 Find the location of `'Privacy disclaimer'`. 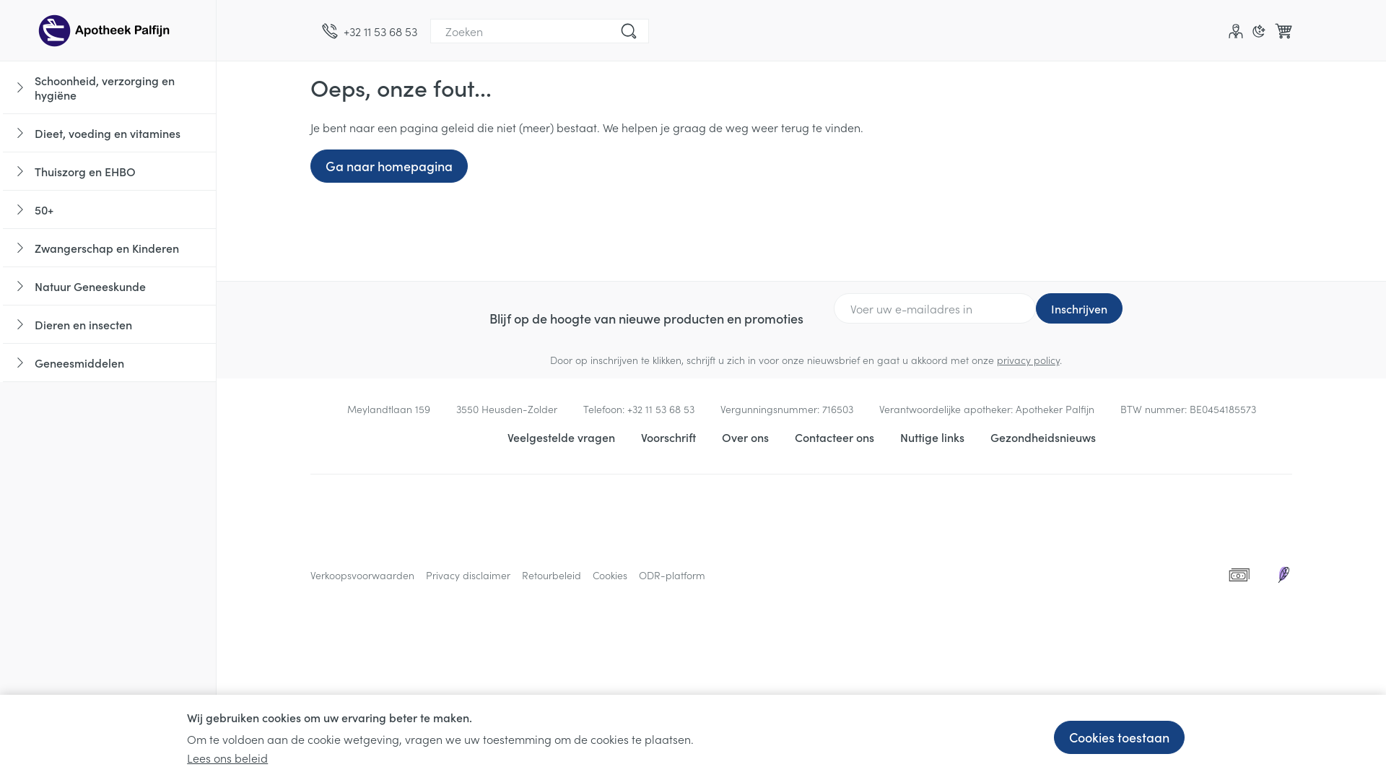

'Privacy disclaimer' is located at coordinates (468, 573).